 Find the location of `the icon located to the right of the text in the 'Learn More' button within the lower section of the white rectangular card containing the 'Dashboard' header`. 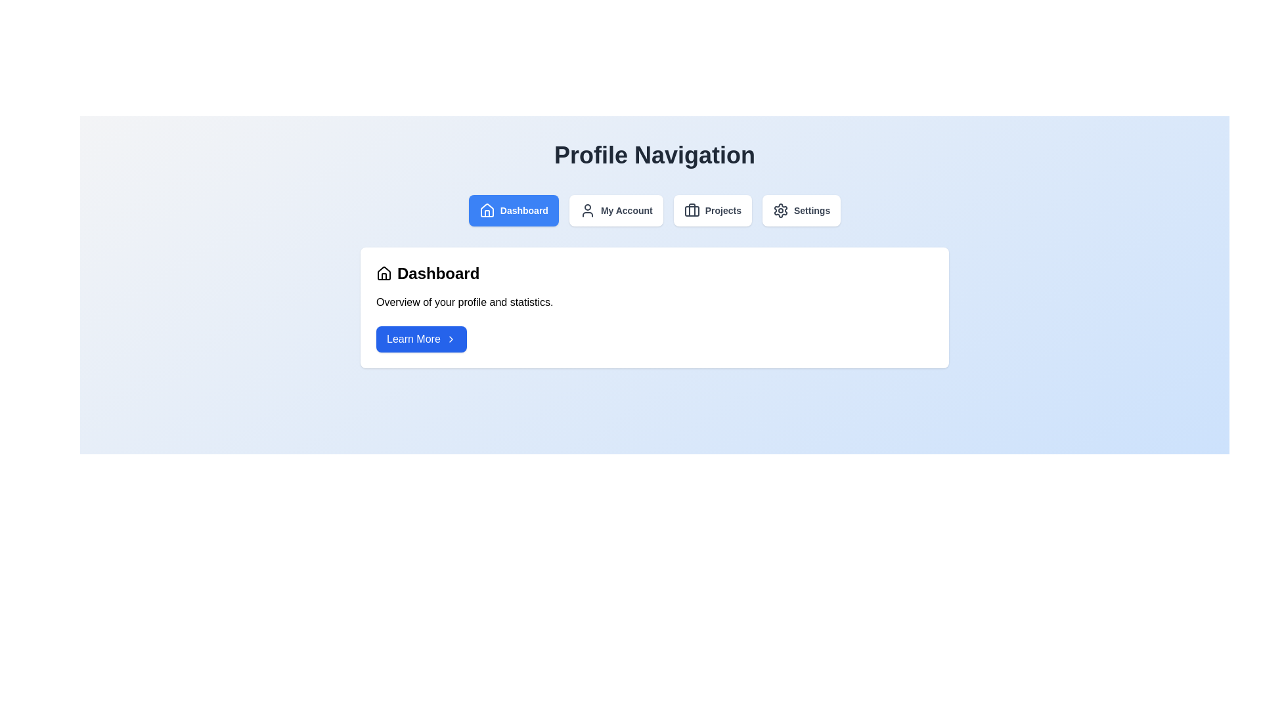

the icon located to the right of the text in the 'Learn More' button within the lower section of the white rectangular card containing the 'Dashboard' header is located at coordinates (451, 338).